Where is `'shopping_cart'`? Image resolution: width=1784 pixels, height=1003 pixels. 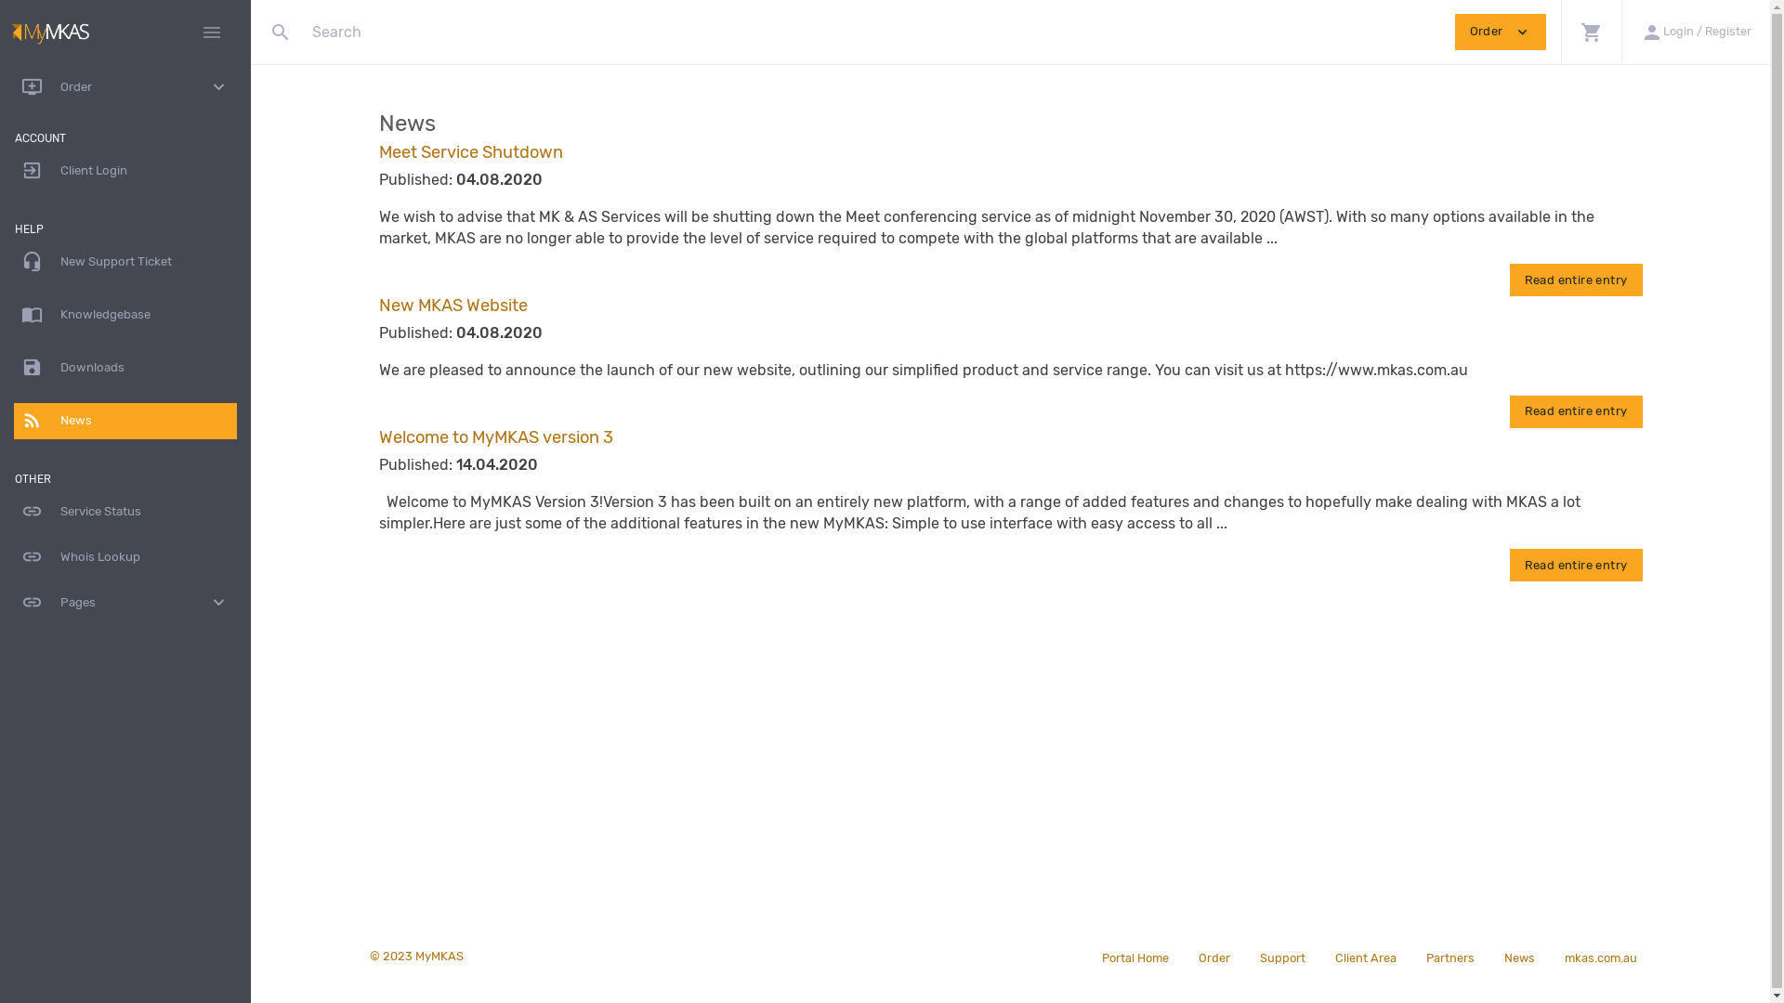
'shopping_cart' is located at coordinates (1590, 32).